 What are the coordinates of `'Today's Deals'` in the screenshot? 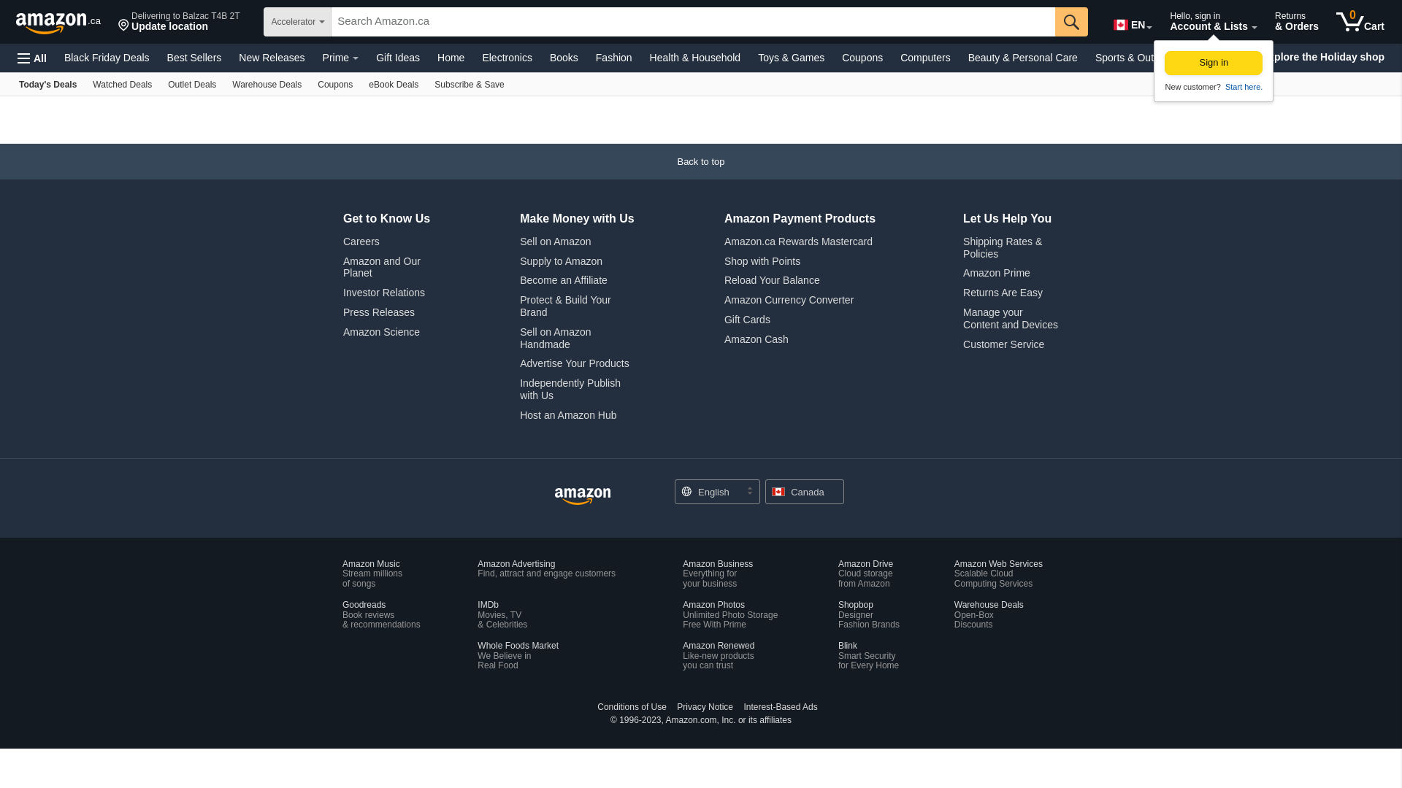 It's located at (47, 84).